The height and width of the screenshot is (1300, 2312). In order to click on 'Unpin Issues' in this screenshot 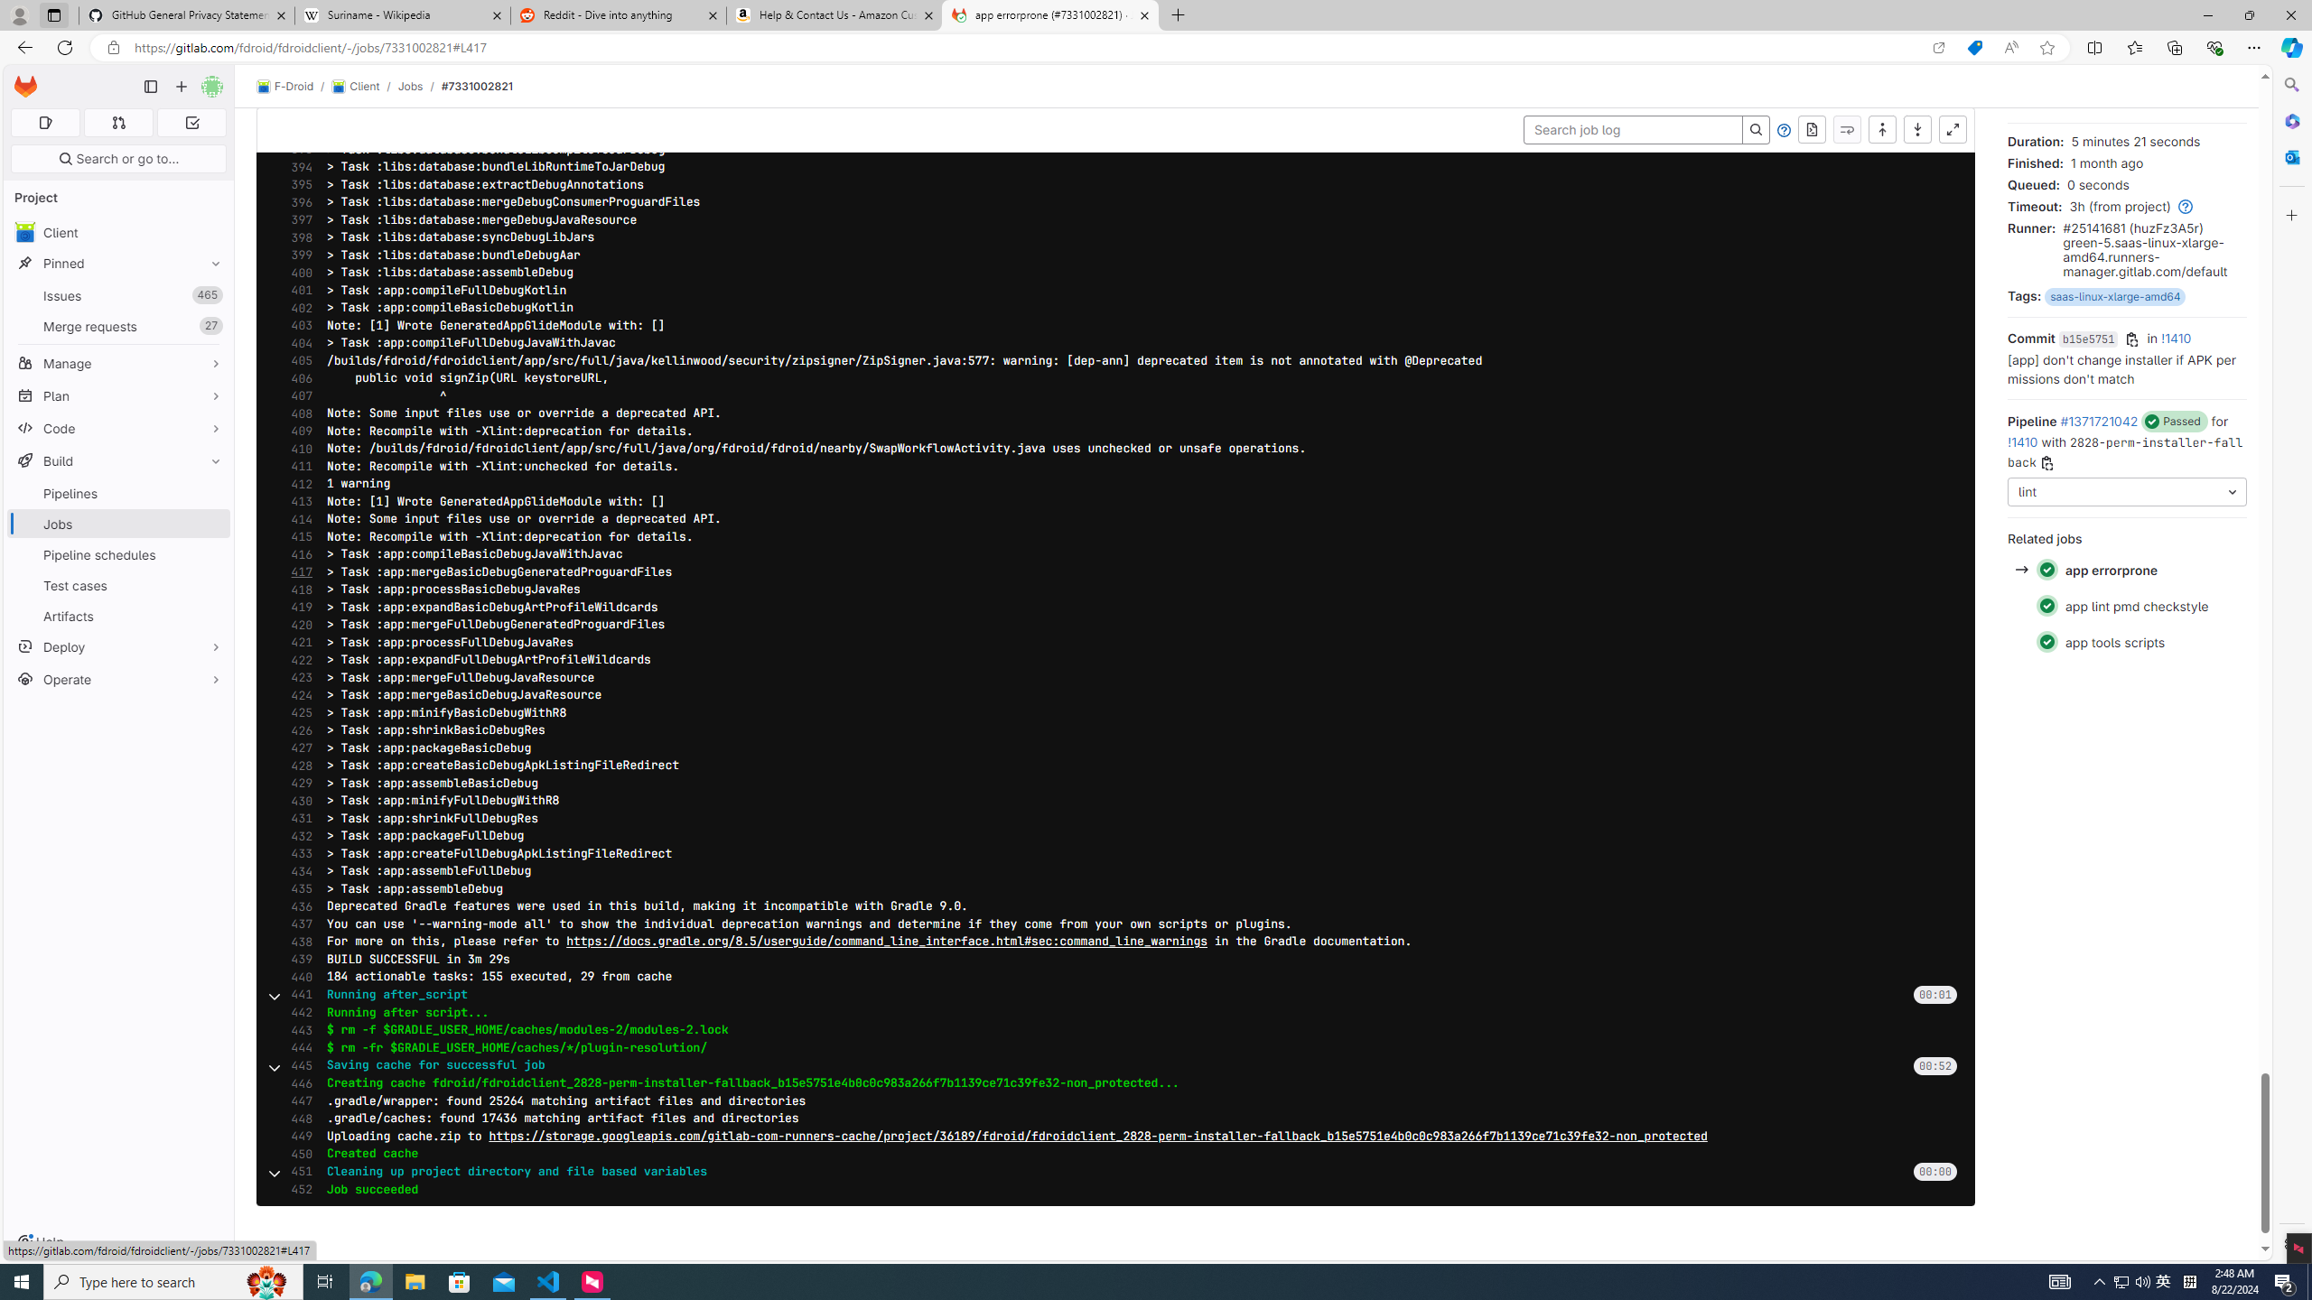, I will do `click(210, 294)`.